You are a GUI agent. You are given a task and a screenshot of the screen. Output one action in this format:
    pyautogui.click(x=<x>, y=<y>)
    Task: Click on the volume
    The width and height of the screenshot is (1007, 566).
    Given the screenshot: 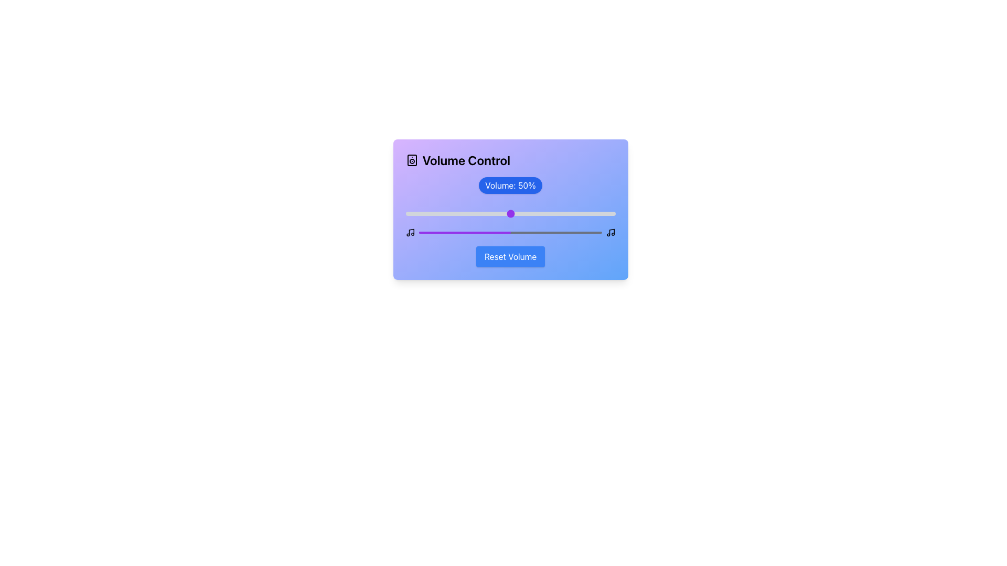 What is the action you would take?
    pyautogui.click(x=497, y=213)
    